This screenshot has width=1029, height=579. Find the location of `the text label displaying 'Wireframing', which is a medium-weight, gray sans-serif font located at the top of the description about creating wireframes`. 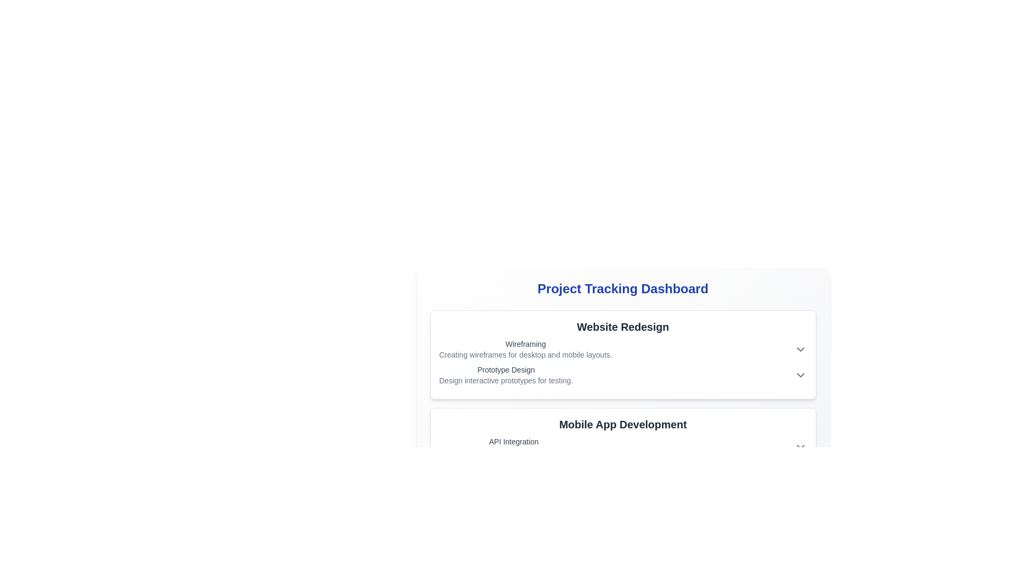

the text label displaying 'Wireframing', which is a medium-weight, gray sans-serif font located at the top of the description about creating wireframes is located at coordinates (525, 344).